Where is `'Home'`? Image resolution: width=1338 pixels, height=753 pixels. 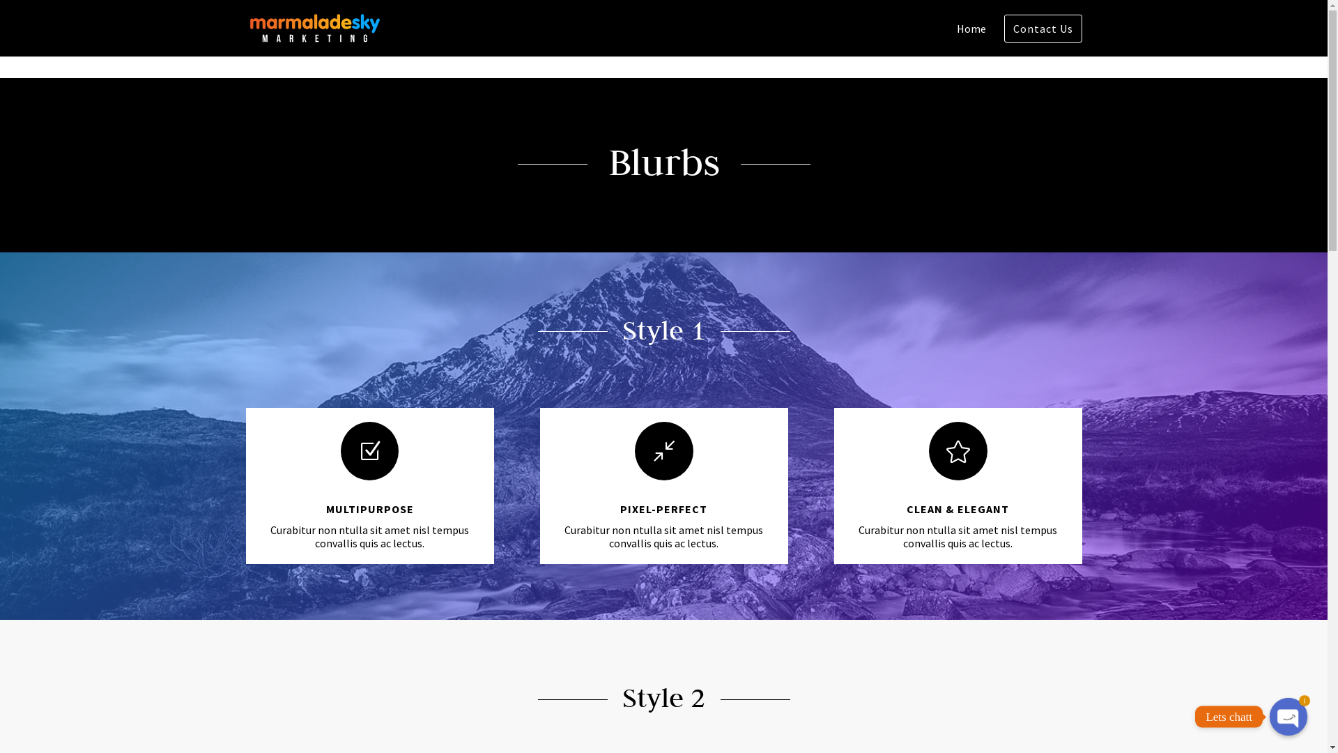 'Home' is located at coordinates (257, 697).